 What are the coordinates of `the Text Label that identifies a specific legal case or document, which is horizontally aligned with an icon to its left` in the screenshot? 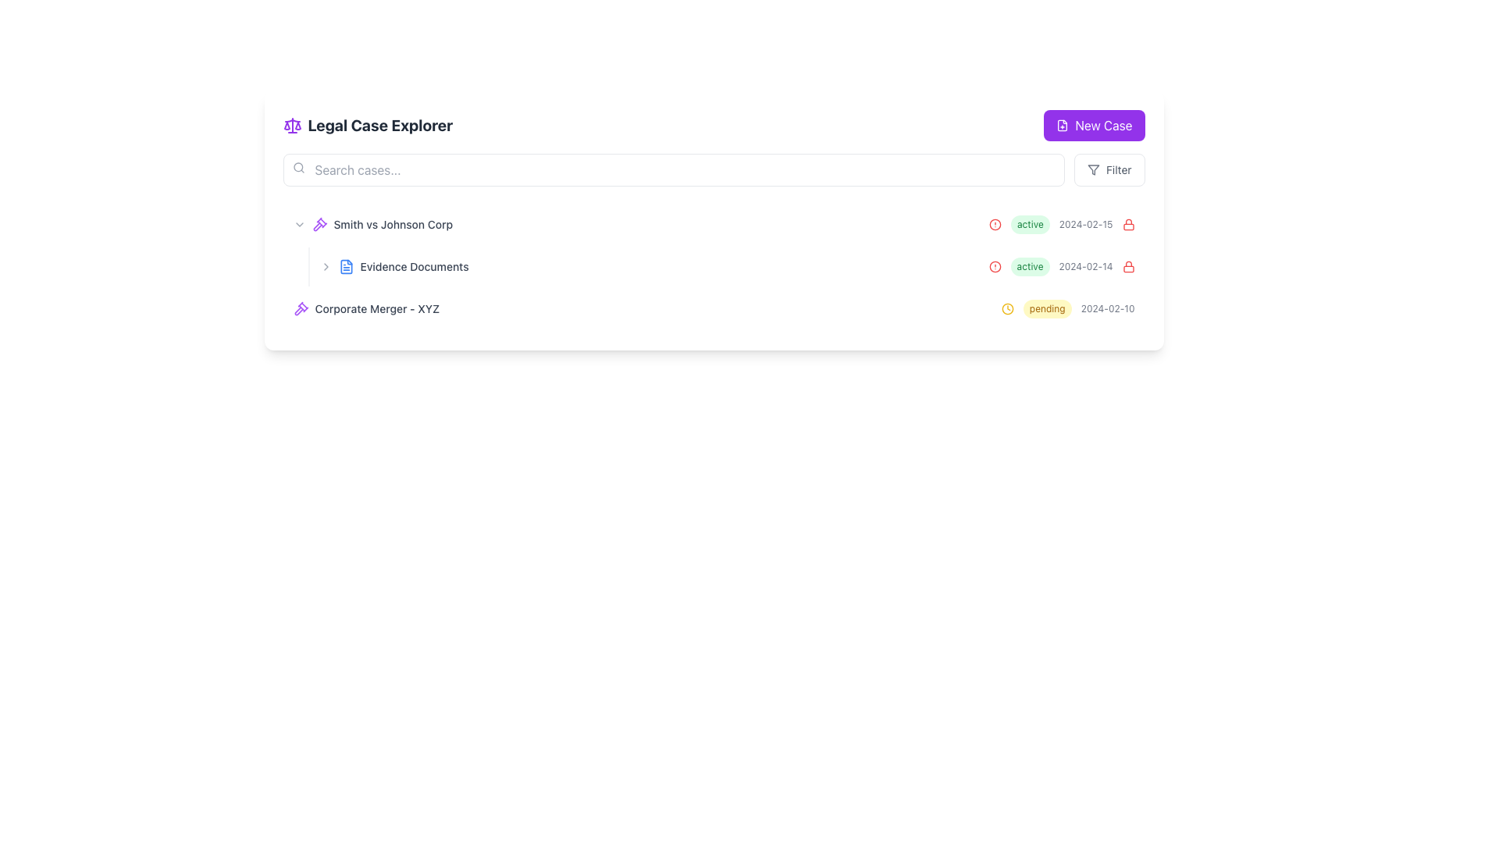 It's located at (377, 309).